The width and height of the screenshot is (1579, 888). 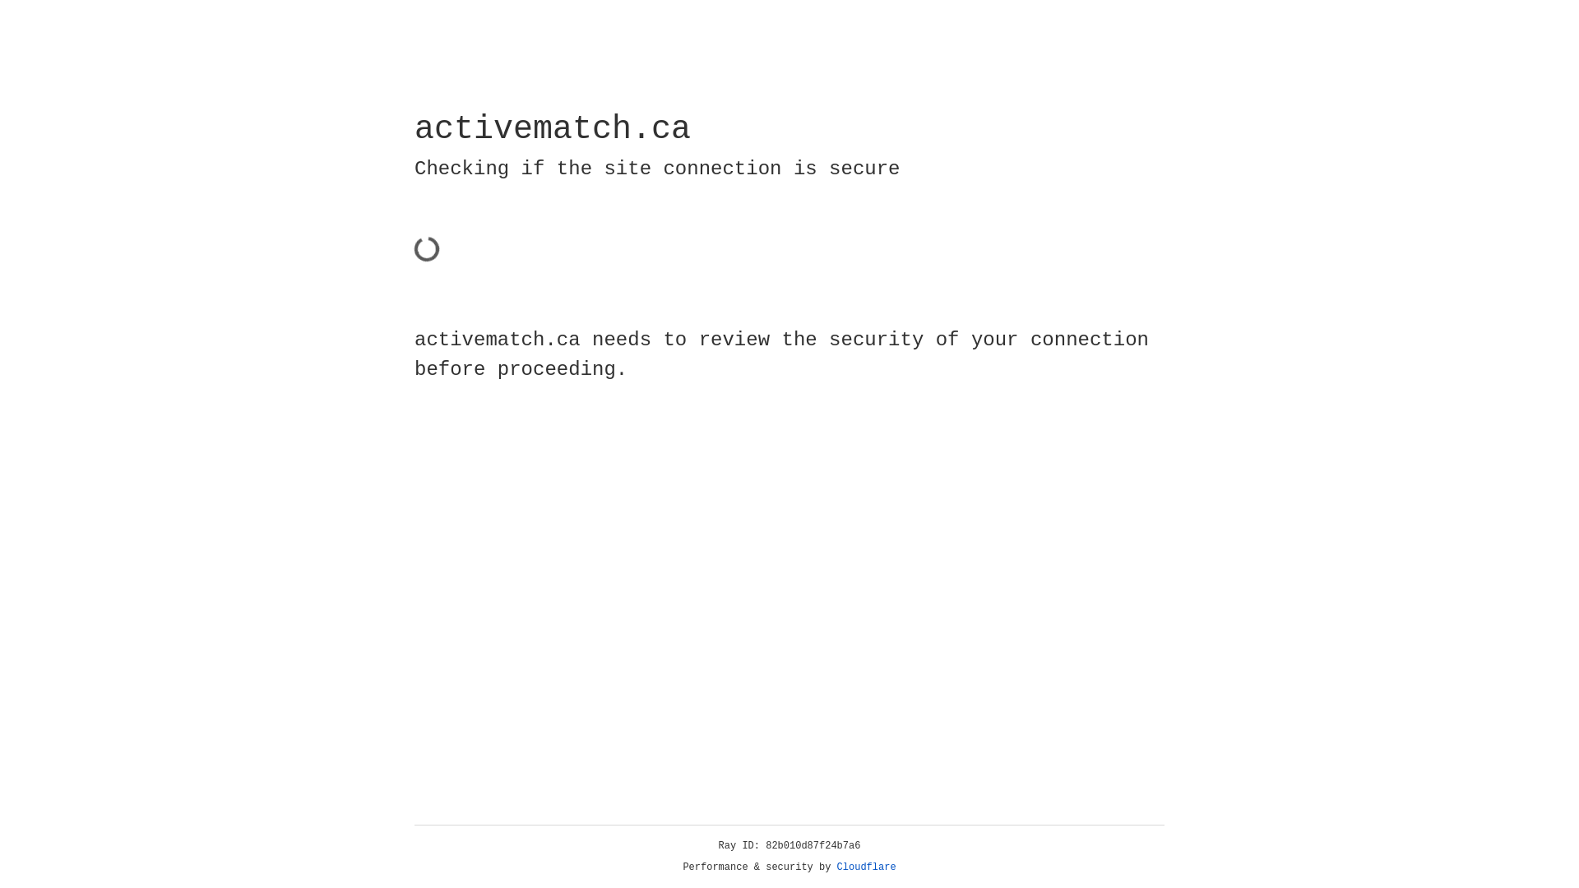 I want to click on 'Cloudflare', so click(x=836, y=867).